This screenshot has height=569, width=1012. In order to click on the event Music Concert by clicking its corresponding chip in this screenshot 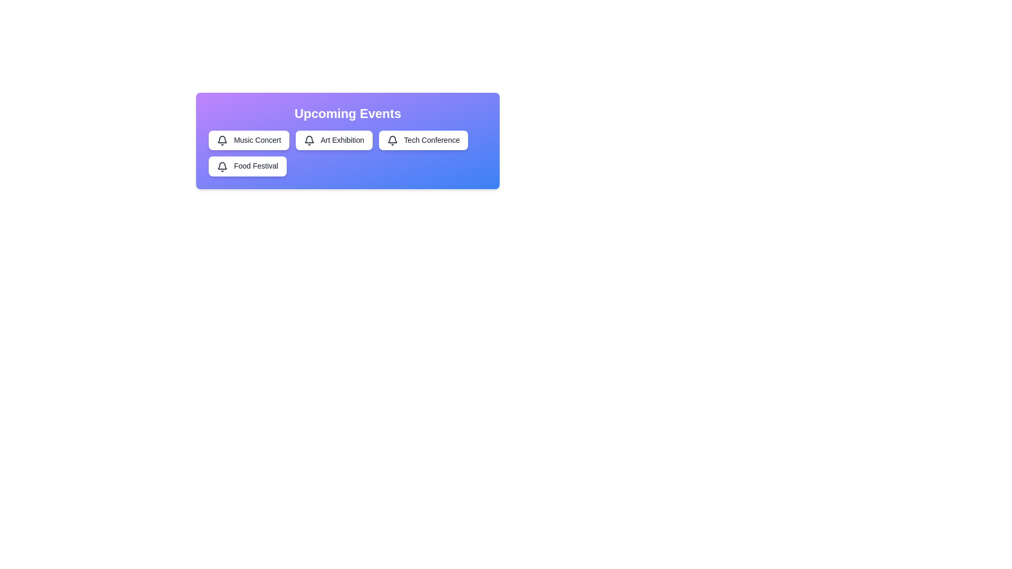, I will do `click(248, 140)`.